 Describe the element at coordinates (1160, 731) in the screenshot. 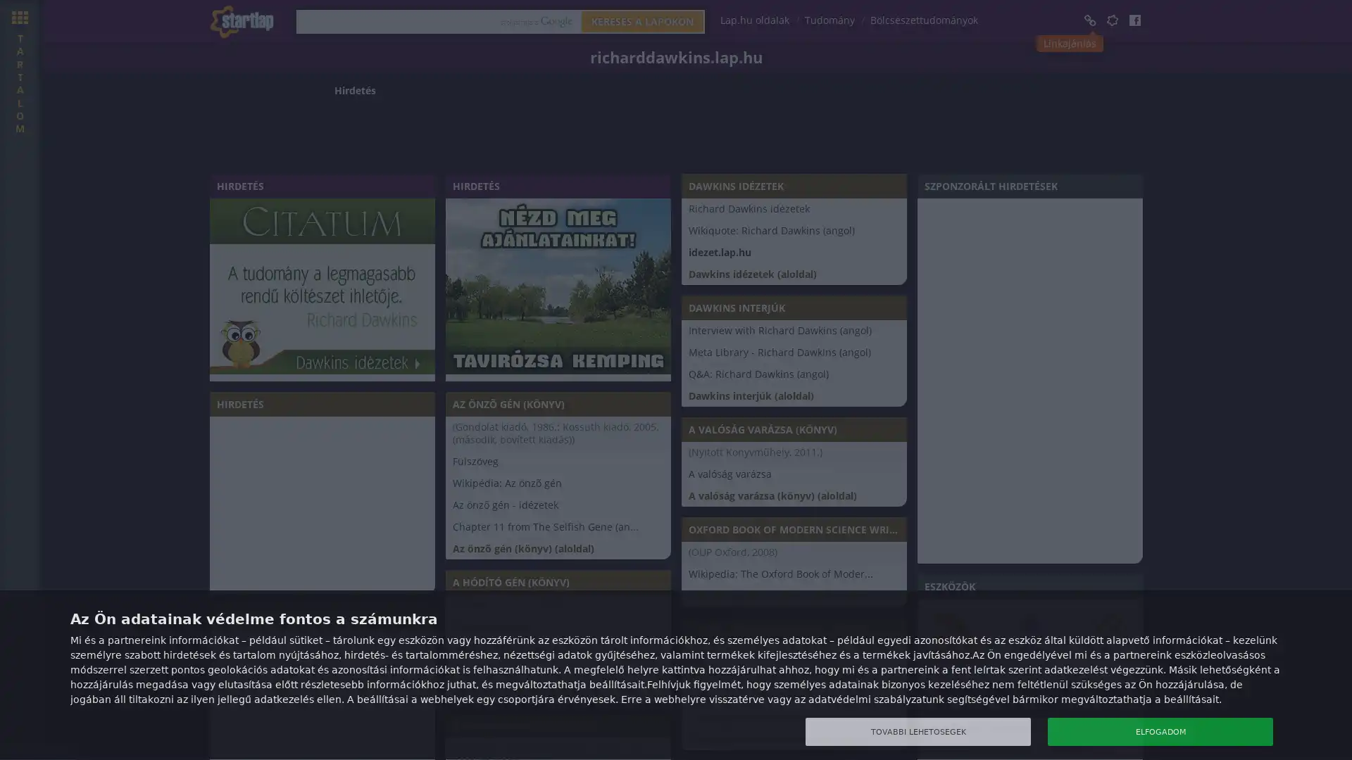

I see `ELFOGADOM` at that location.